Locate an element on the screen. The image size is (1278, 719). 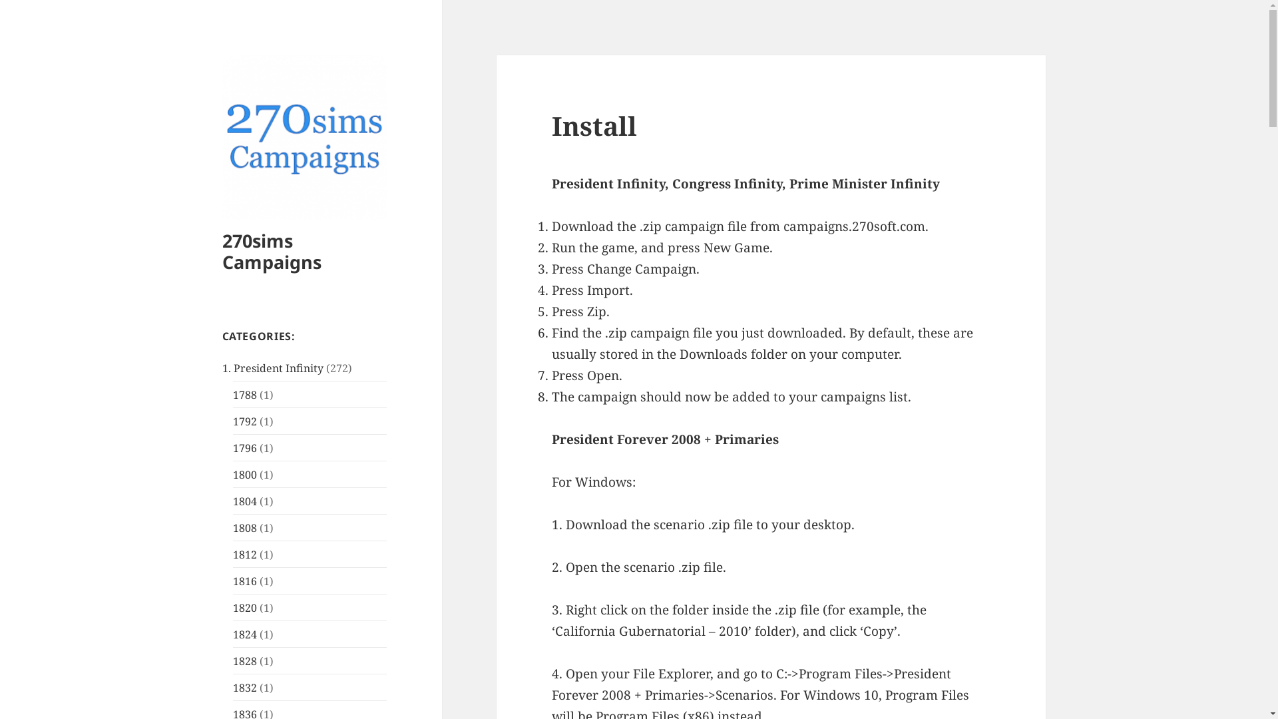
'1820' is located at coordinates (245, 608).